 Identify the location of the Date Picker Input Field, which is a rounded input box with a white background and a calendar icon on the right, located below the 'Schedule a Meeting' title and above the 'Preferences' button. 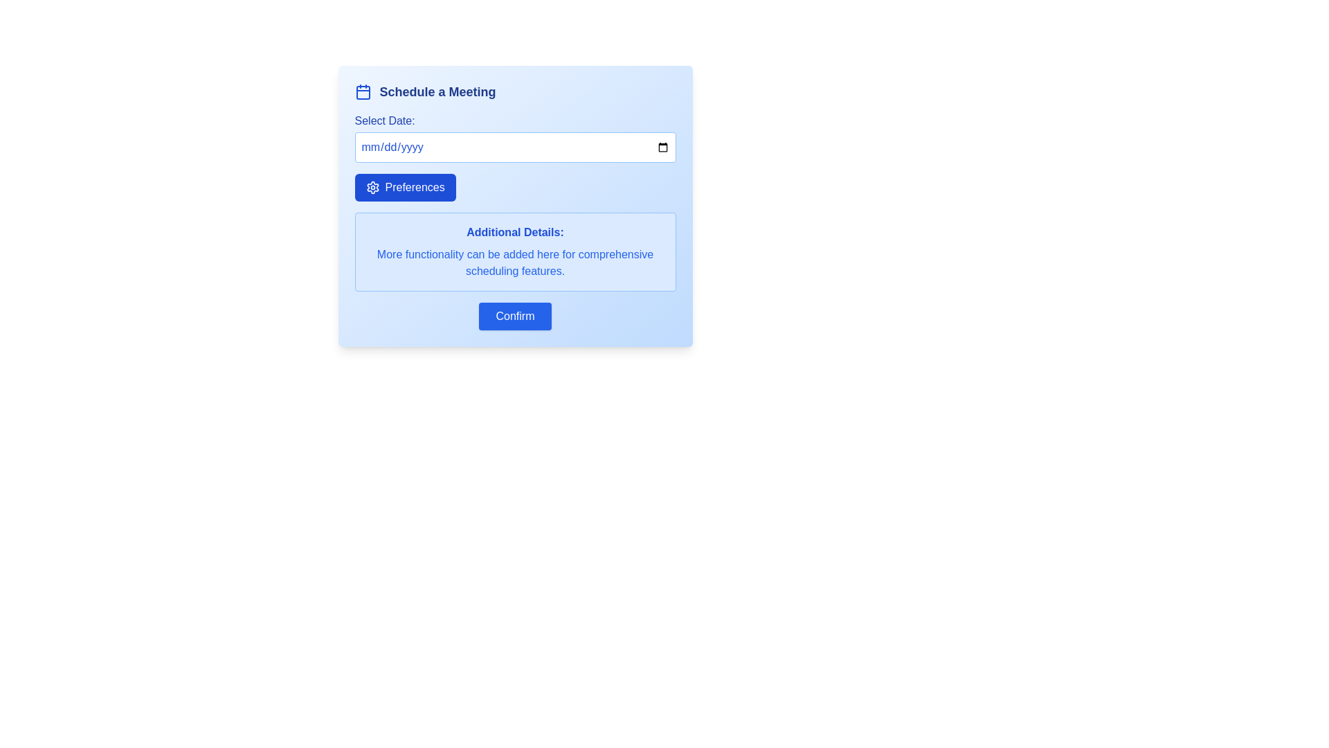
(514, 138).